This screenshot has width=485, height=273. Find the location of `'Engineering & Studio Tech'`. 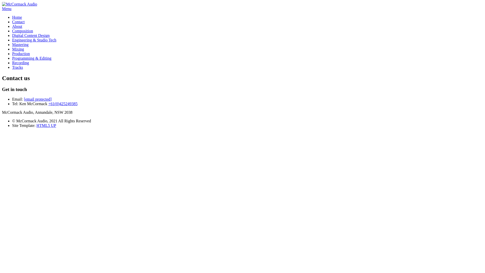

'Engineering & Studio Tech' is located at coordinates (34, 40).